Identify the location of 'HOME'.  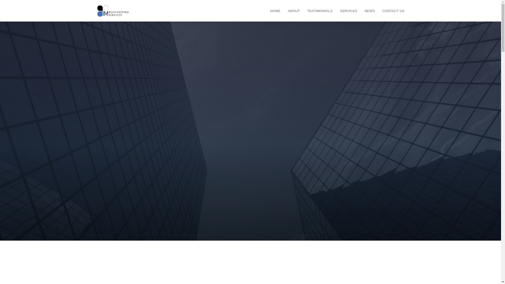
(270, 11).